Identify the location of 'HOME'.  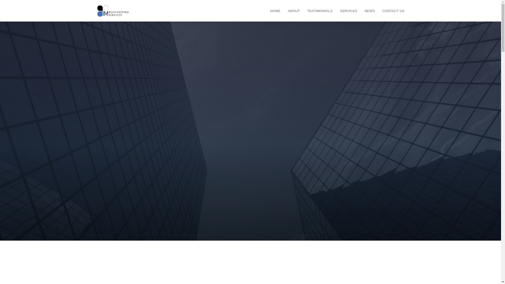
(270, 11).